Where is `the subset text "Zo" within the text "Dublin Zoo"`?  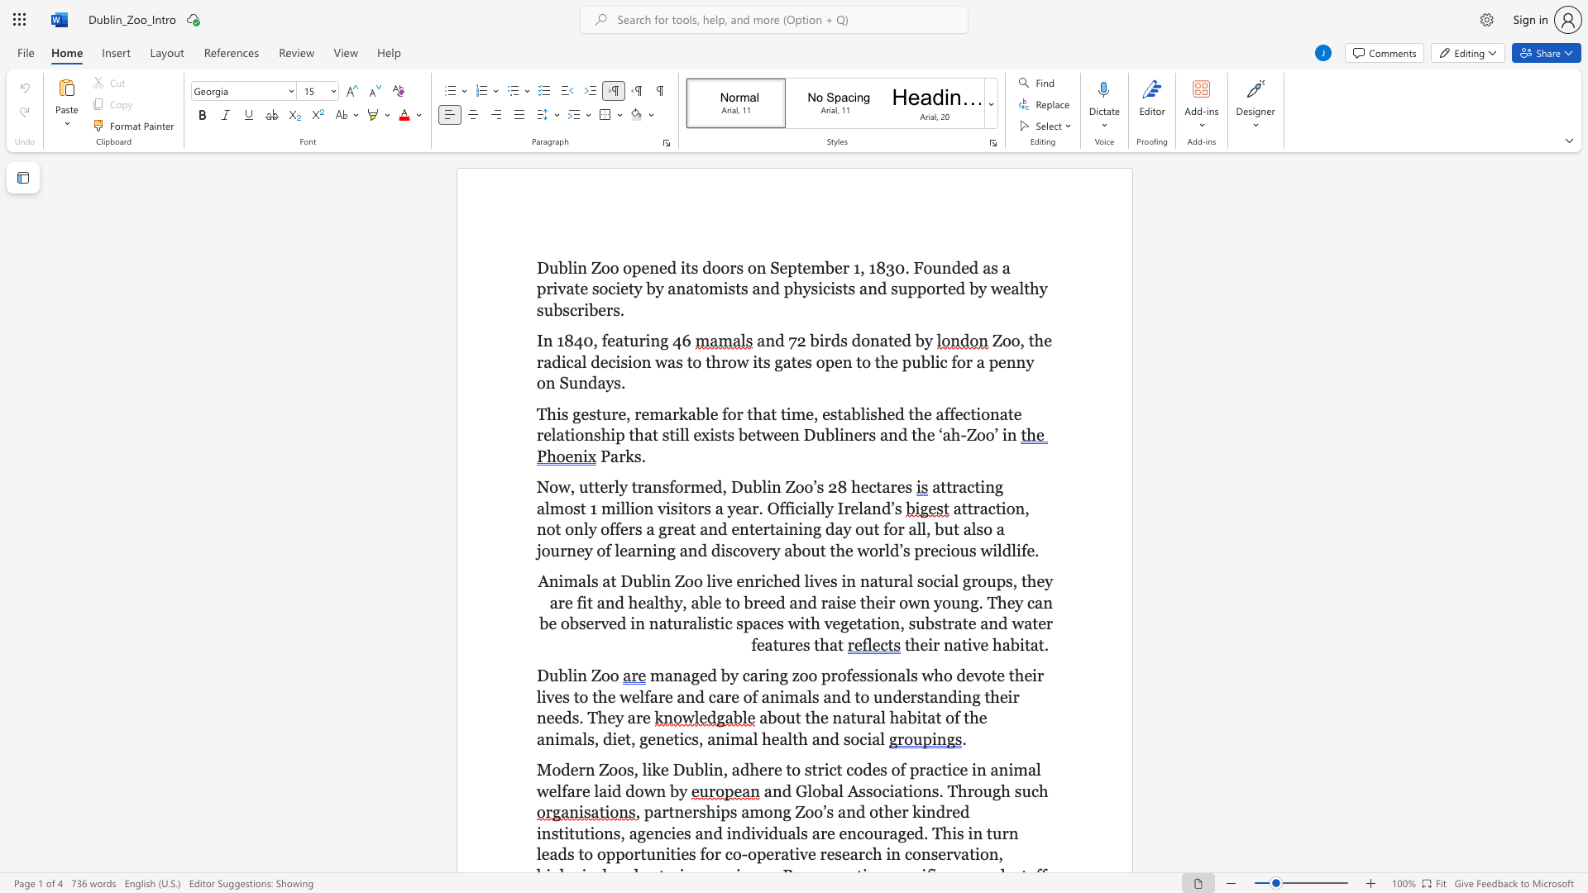 the subset text "Zo" within the text "Dublin Zoo" is located at coordinates (591, 676).